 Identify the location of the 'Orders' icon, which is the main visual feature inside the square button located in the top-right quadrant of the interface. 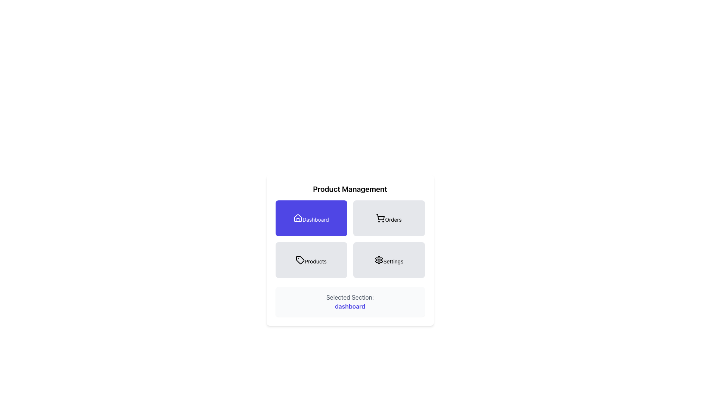
(381, 217).